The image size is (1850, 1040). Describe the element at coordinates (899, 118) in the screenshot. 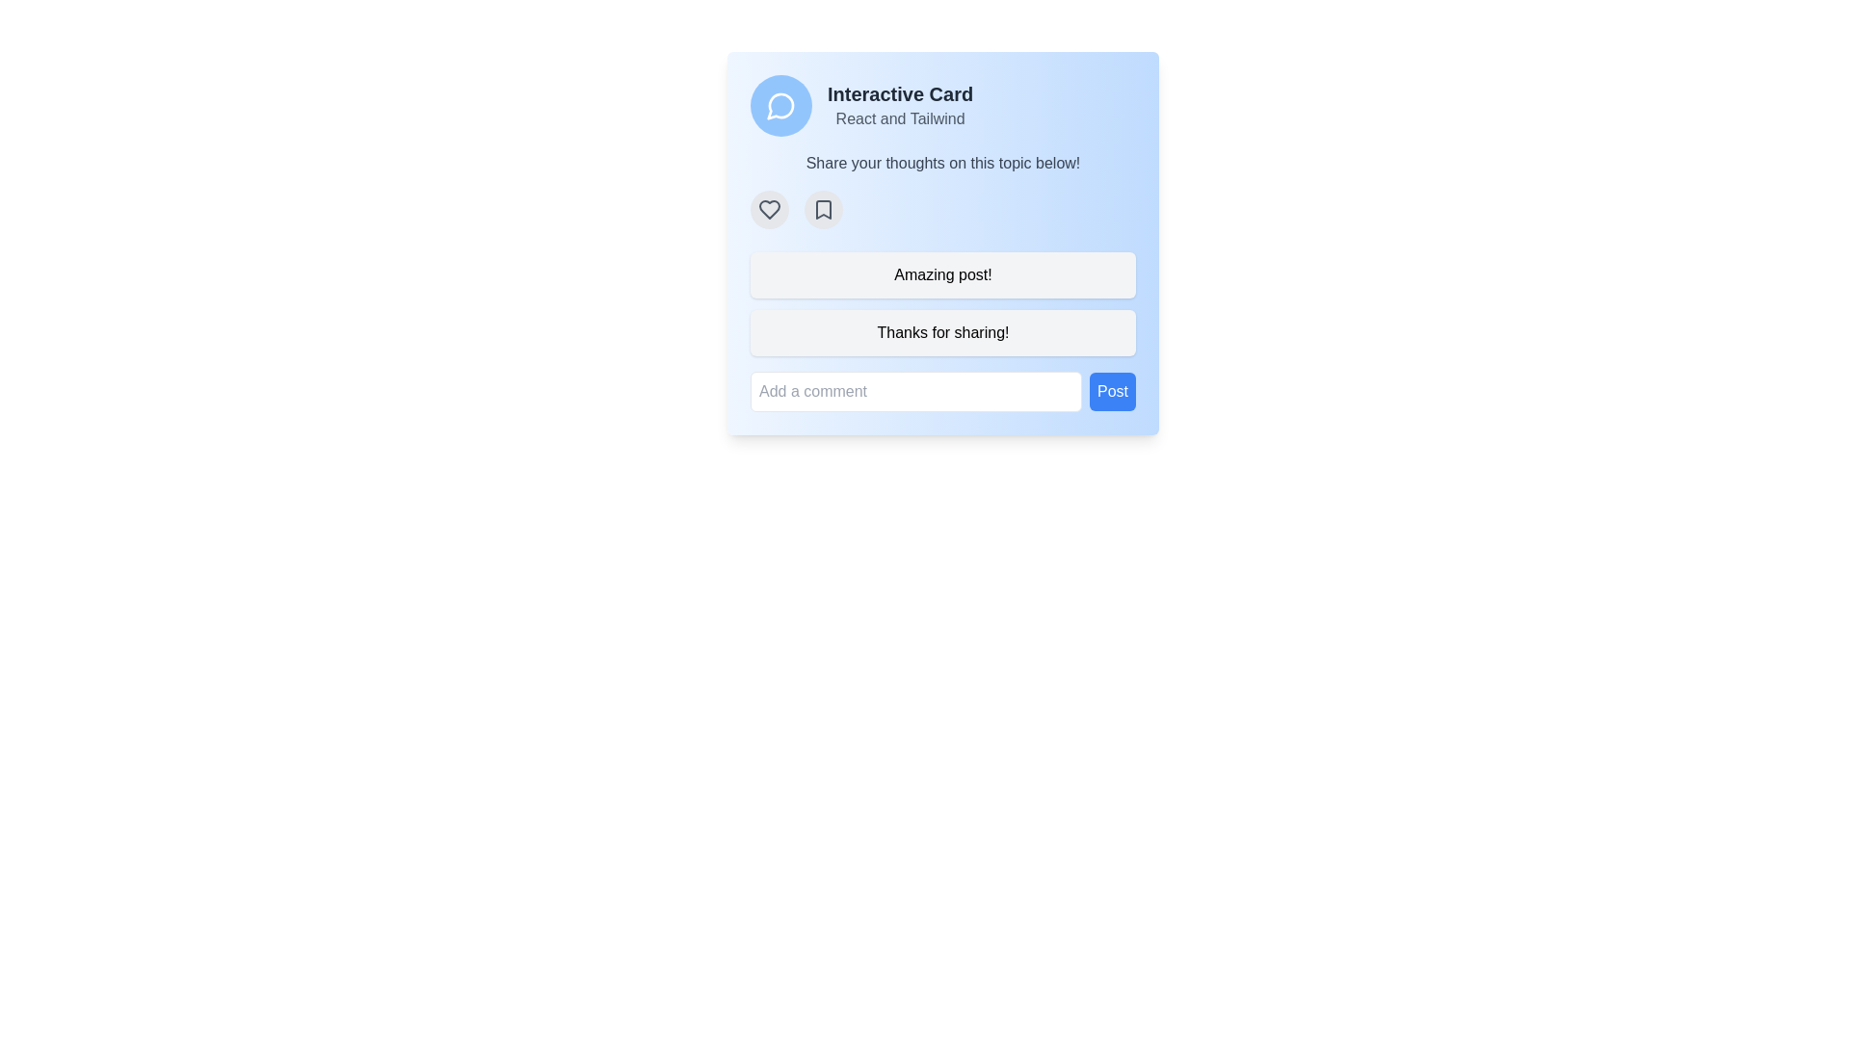

I see `the non-interactive text label reading 'React and Tailwind', which is styled with a light gray color and positioned underneath the title 'Interactive Card' in a blue-colored card interface` at that location.